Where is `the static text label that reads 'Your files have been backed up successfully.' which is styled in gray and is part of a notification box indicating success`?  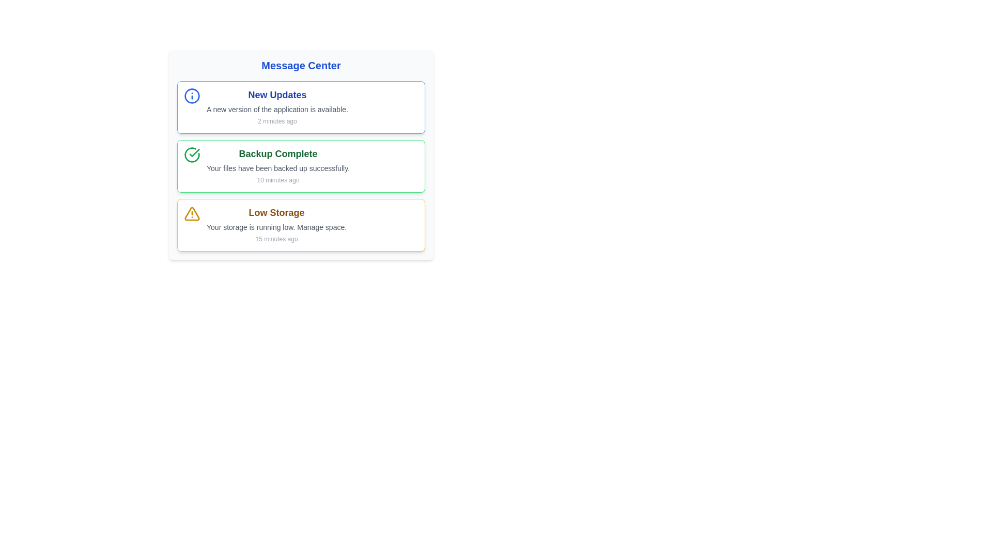
the static text label that reads 'Your files have been backed up successfully.' which is styled in gray and is part of a notification box indicating success is located at coordinates (278, 168).